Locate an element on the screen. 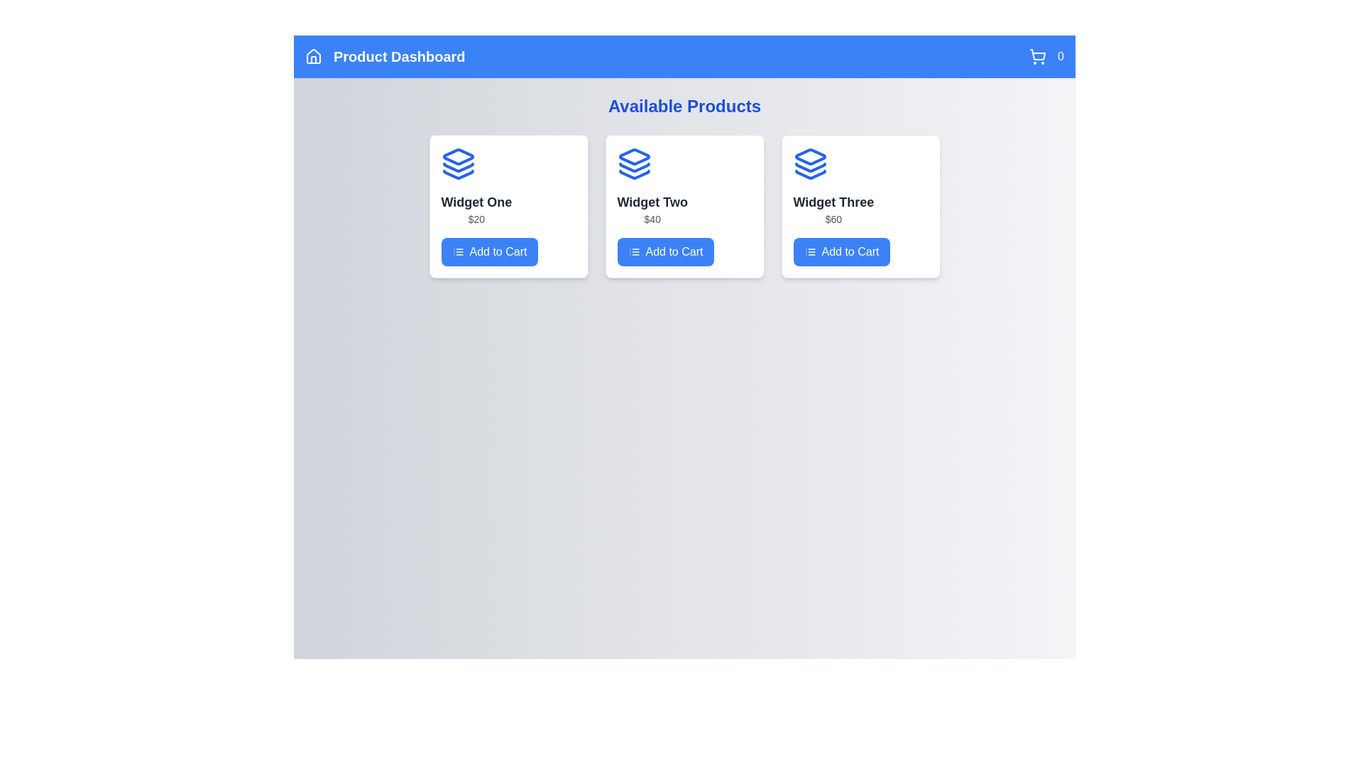 The image size is (1363, 767). the 'Add to Cart' button with rounded corners, blue background, and white text for accessibility navigation is located at coordinates (490, 251).